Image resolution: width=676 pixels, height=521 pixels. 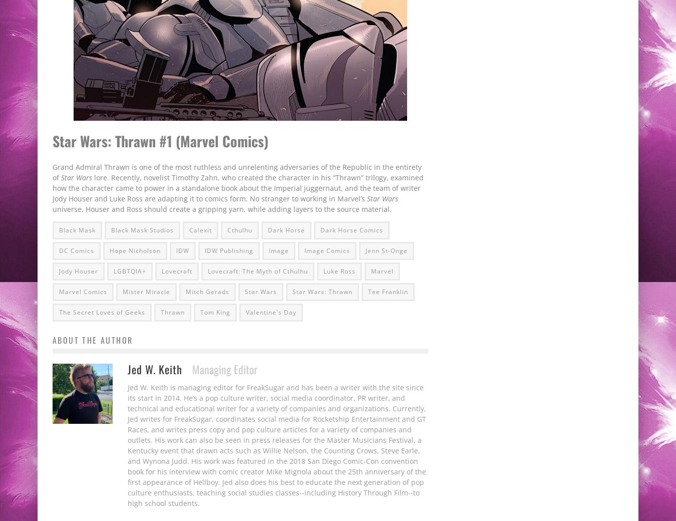 What do you see at coordinates (225, 369) in the screenshot?
I see `'Managing Editor'` at bounding box center [225, 369].